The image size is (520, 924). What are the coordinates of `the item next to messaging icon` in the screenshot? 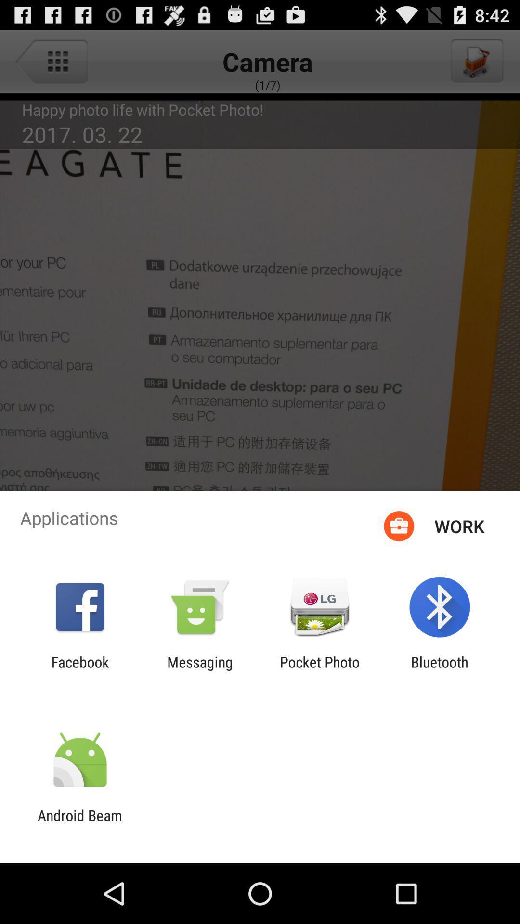 It's located at (79, 670).